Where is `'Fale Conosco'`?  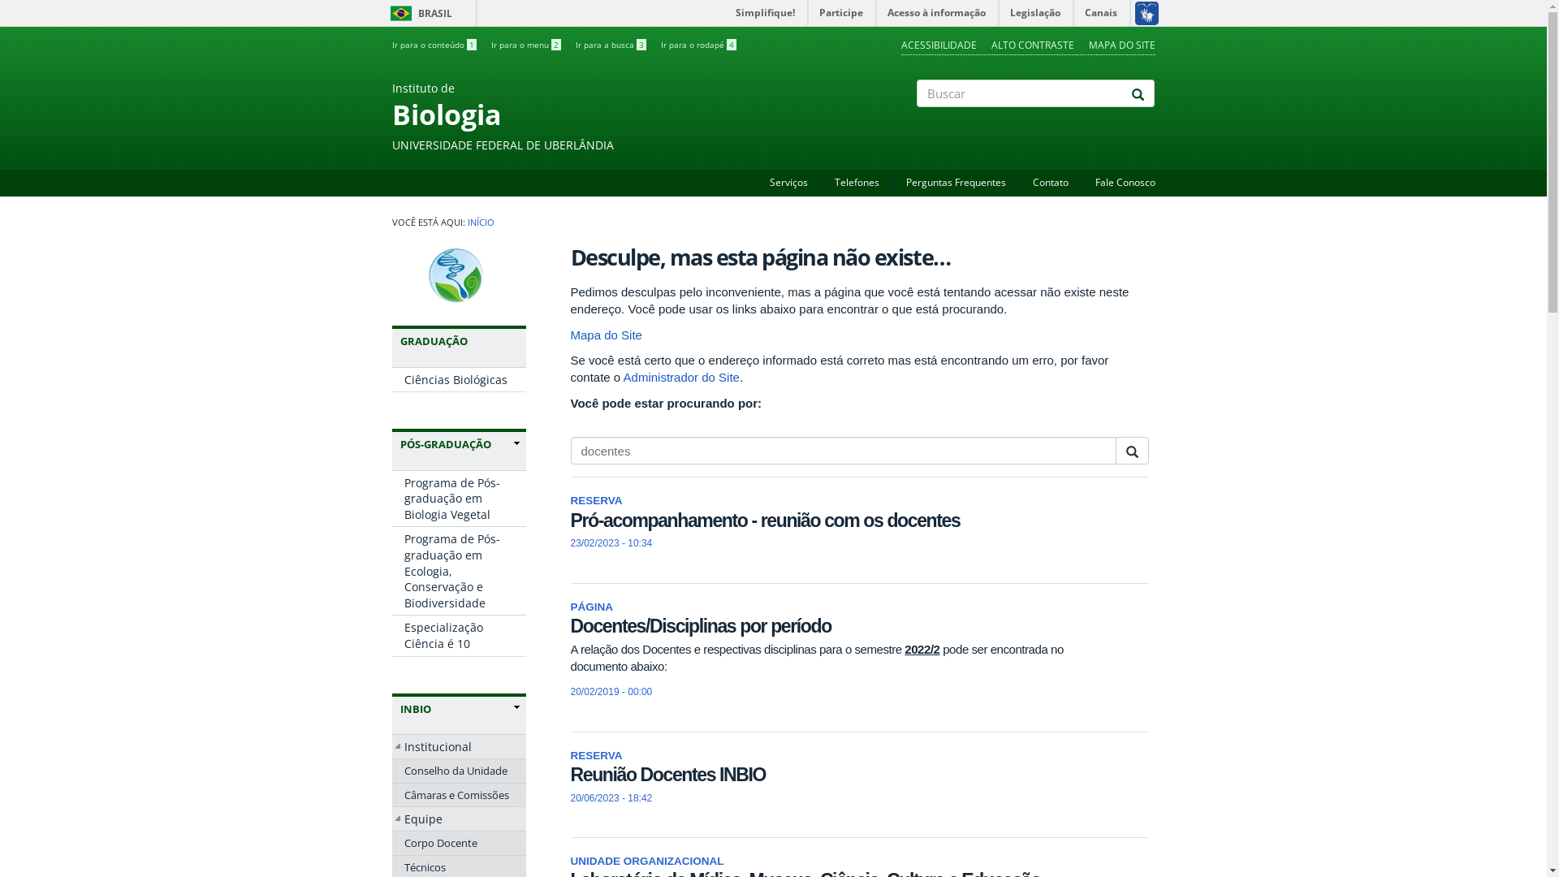 'Fale Conosco' is located at coordinates (1124, 182).